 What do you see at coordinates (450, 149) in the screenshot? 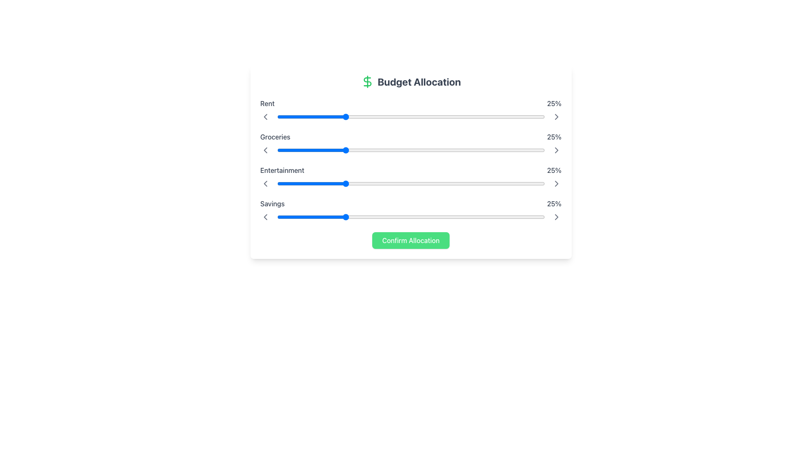
I see `the groceries allocation percentage` at bounding box center [450, 149].